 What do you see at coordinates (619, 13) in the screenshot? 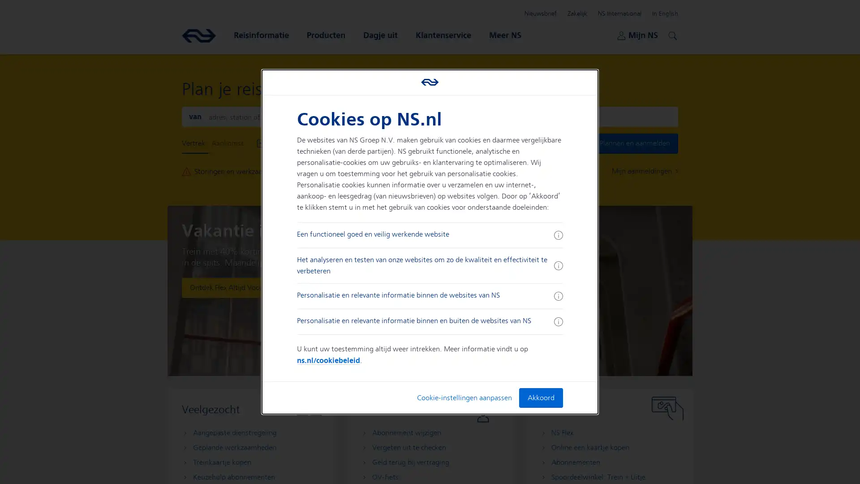
I see `NS International Open submenu` at bounding box center [619, 13].